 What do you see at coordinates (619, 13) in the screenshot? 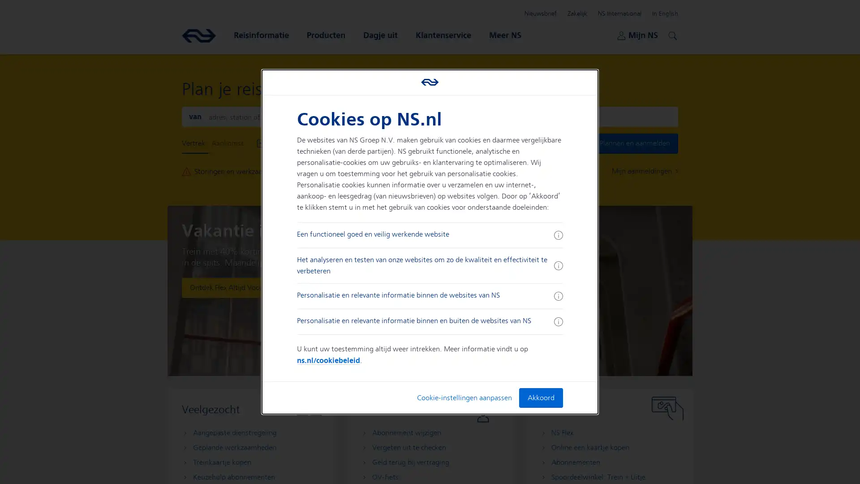
I see `NS International Open submenu` at bounding box center [619, 13].